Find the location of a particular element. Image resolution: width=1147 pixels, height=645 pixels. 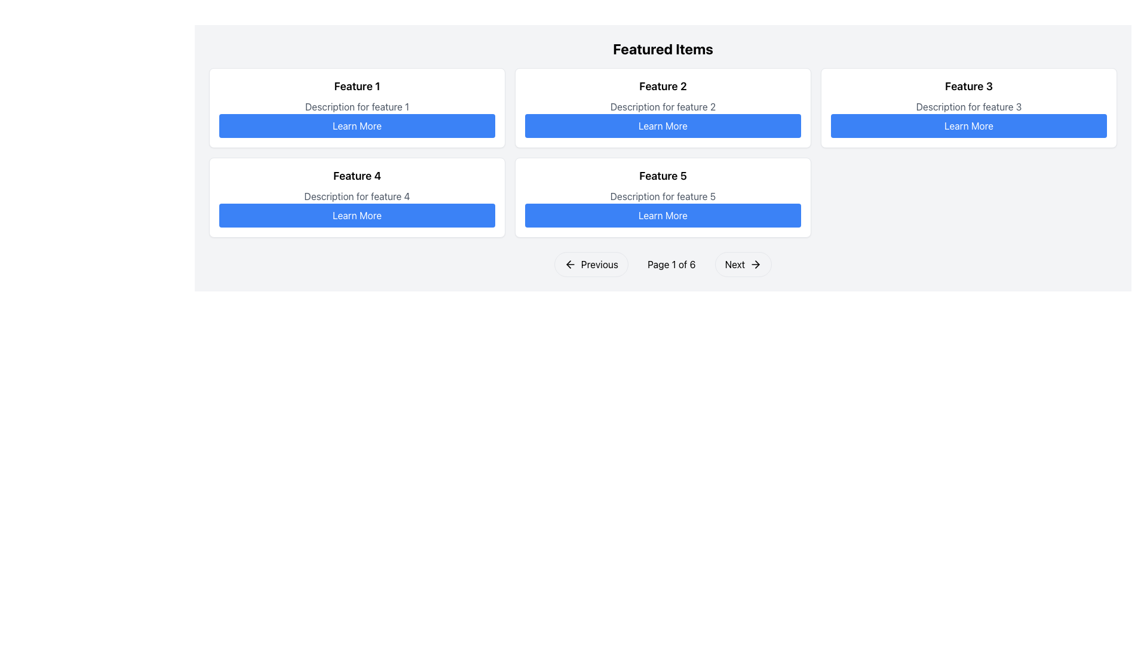

the text element providing a brief explanation for 'Feature 1' located in the top-left card of the grid layout, positioned below the title and above the 'Learn More' button is located at coordinates (357, 106).